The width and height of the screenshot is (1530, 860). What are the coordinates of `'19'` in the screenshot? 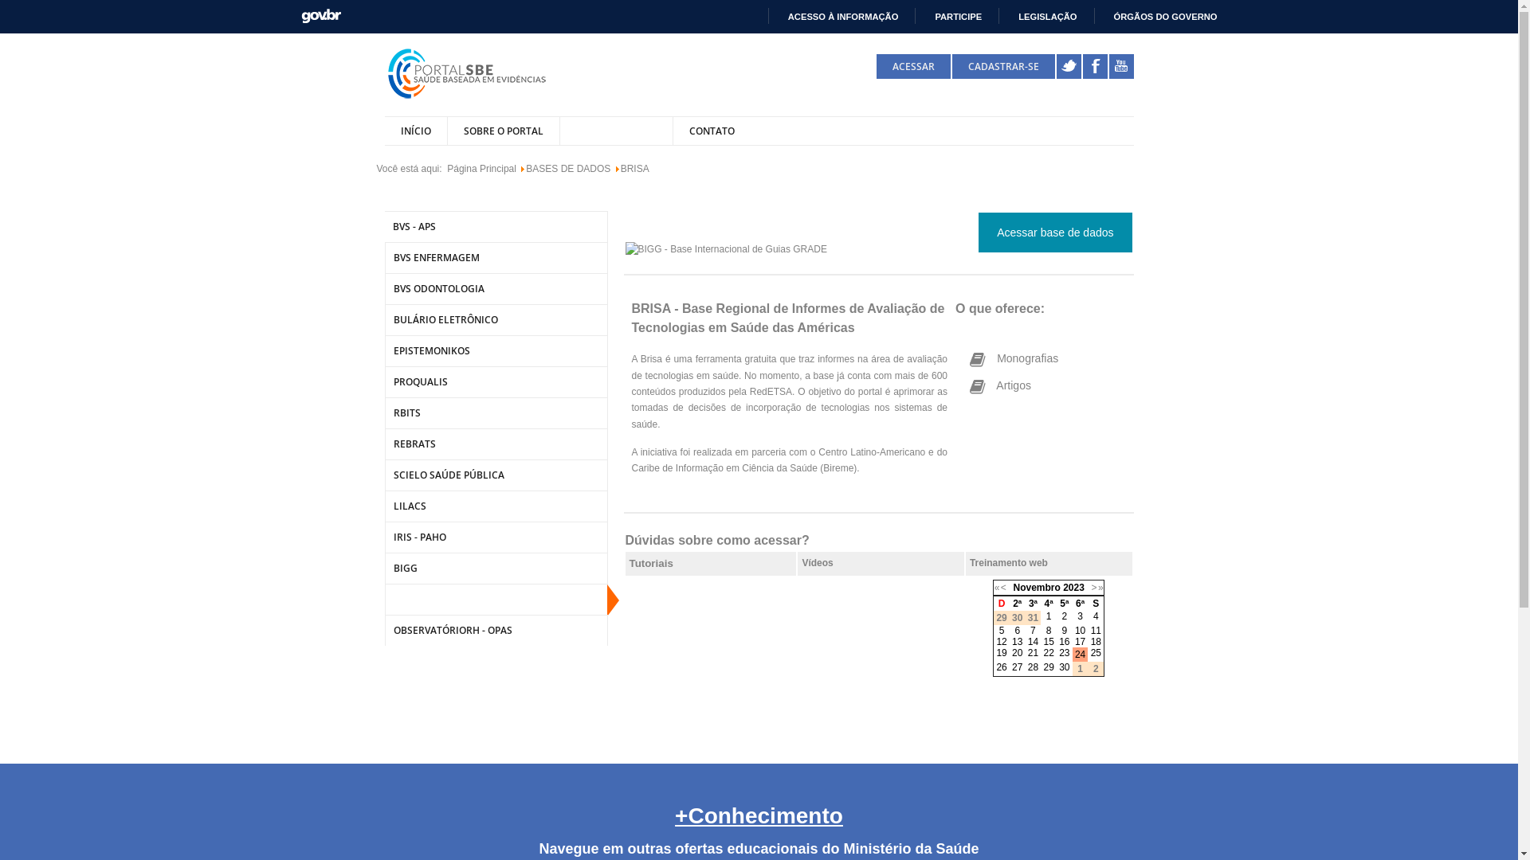 It's located at (994, 653).